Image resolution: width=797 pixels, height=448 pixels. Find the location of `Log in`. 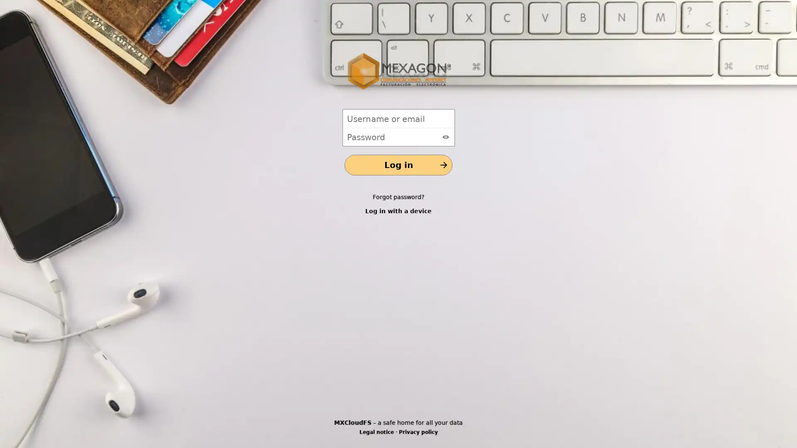

Log in is located at coordinates (398, 165).